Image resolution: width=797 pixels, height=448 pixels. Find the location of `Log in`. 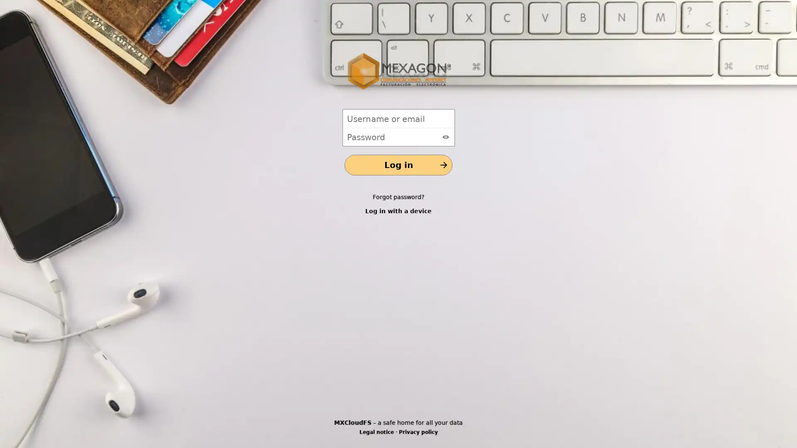

Log in is located at coordinates (398, 165).